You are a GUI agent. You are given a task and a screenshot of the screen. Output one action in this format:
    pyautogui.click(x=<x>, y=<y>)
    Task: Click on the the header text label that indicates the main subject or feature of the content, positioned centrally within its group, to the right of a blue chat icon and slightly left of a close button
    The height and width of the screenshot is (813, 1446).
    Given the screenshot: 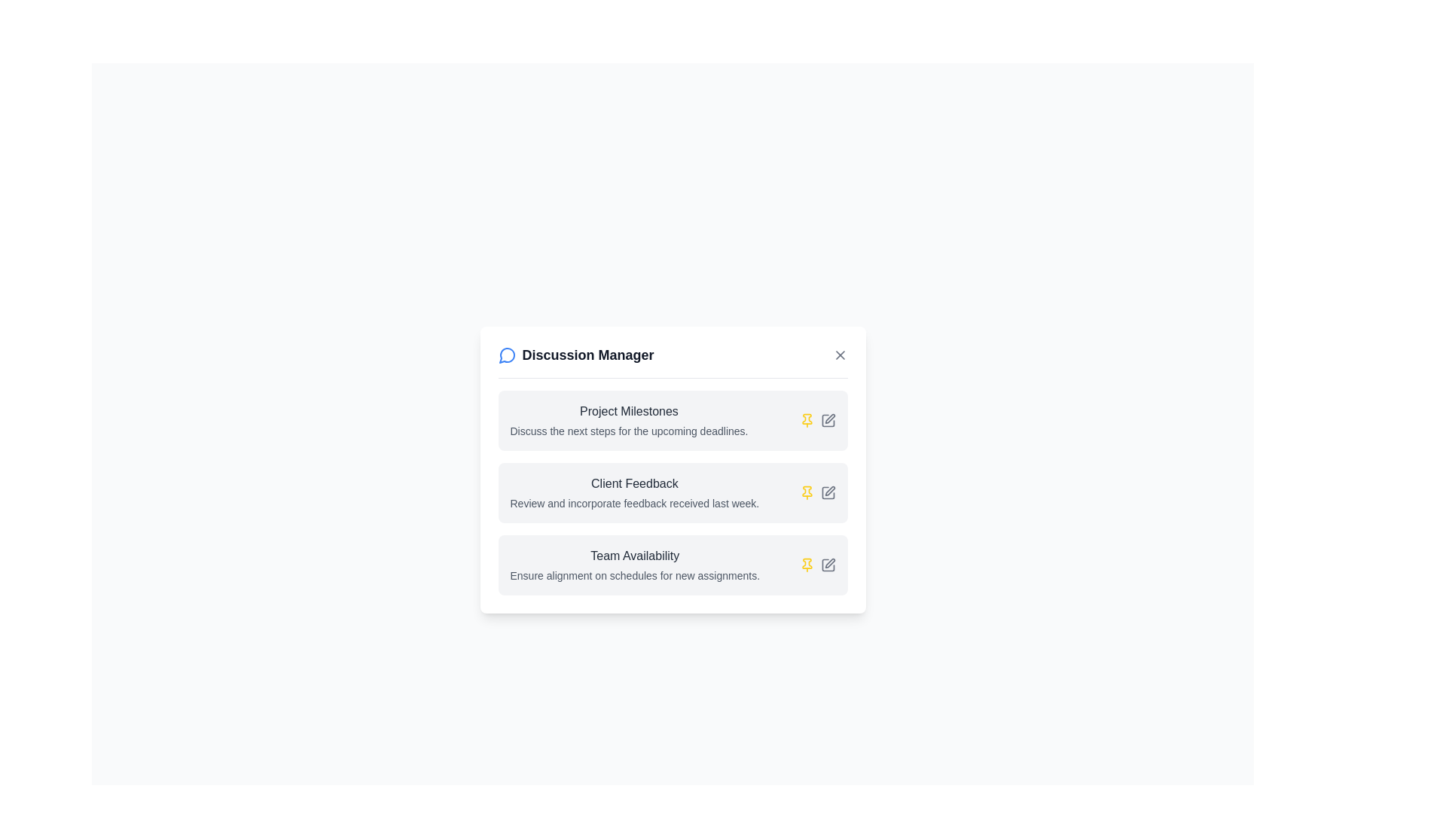 What is the action you would take?
    pyautogui.click(x=587, y=355)
    